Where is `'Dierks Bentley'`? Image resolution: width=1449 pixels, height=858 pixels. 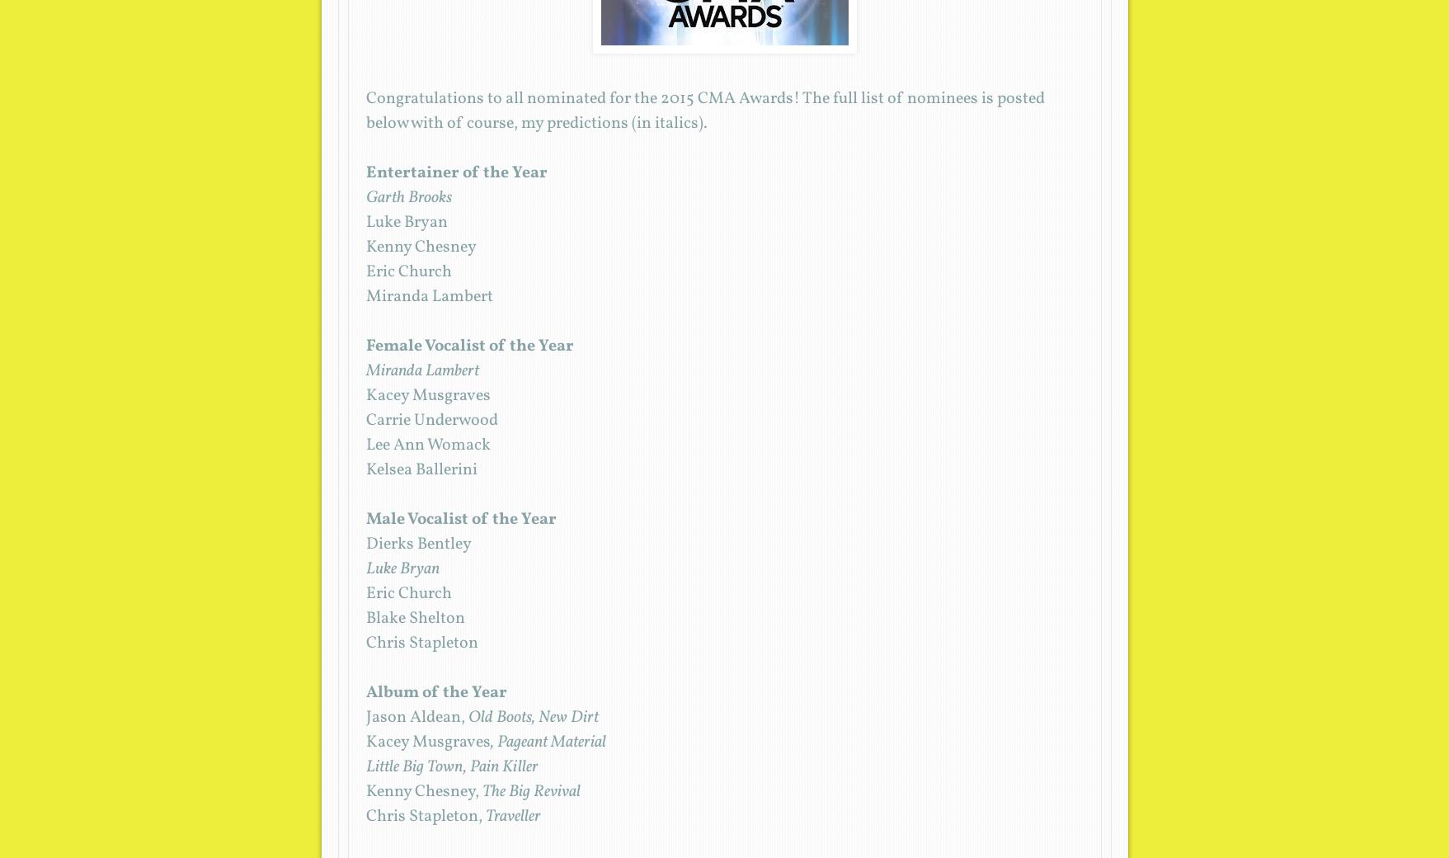
'Dierks Bentley' is located at coordinates (418, 544).